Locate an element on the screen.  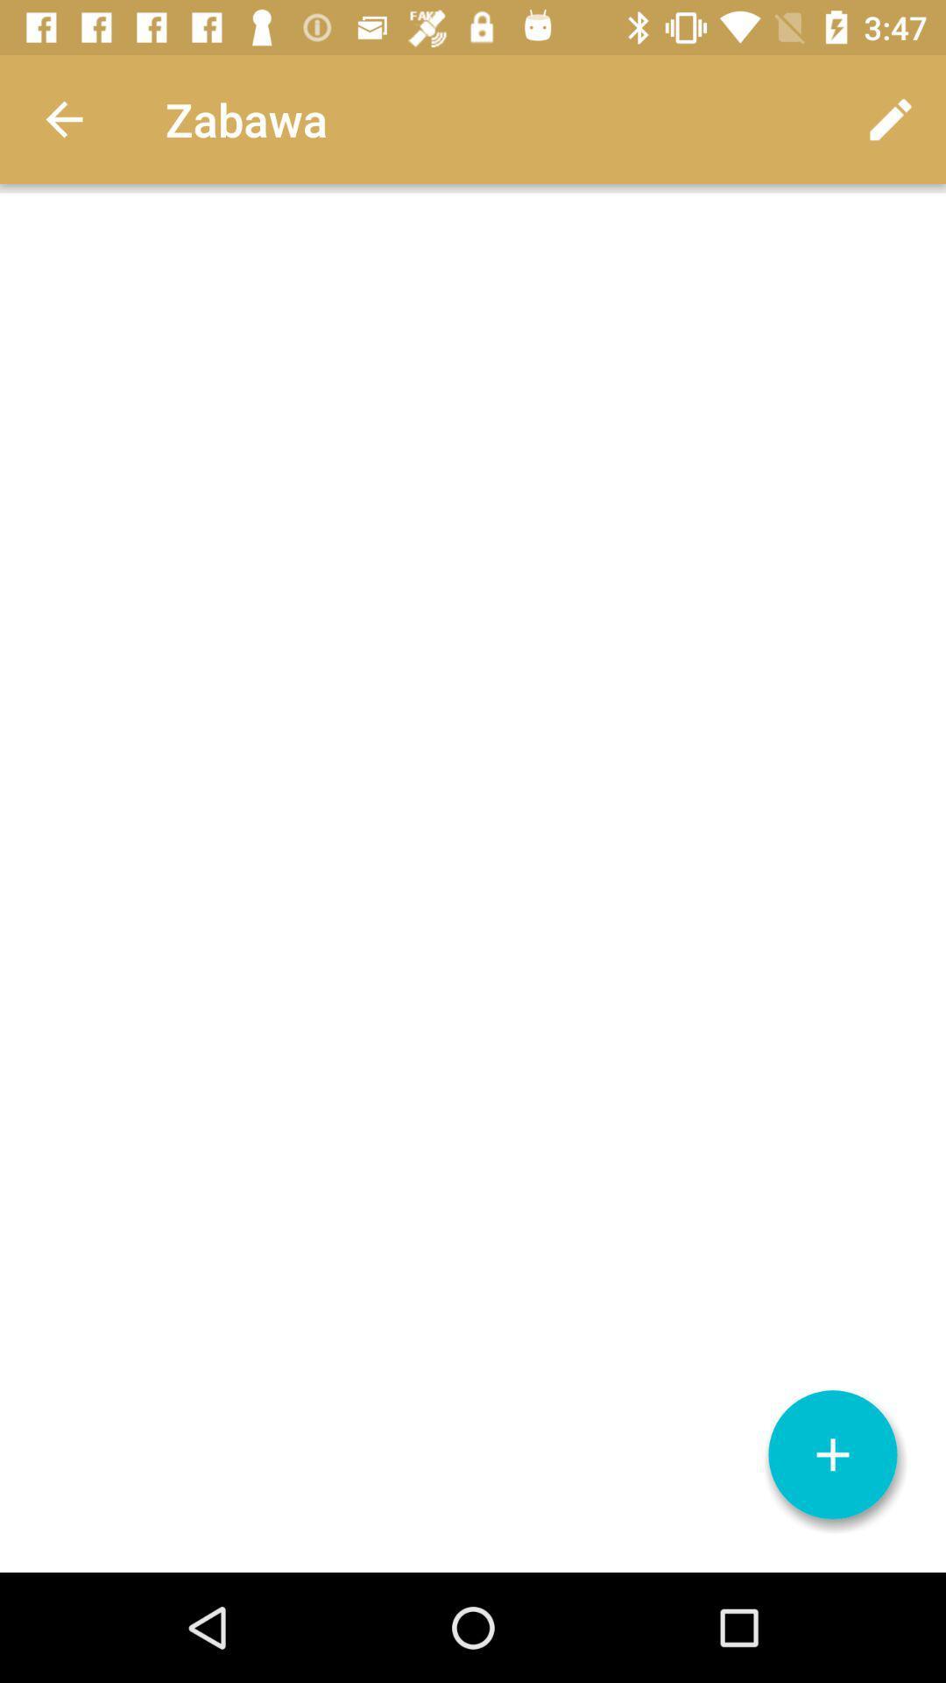
details is located at coordinates (832, 1454).